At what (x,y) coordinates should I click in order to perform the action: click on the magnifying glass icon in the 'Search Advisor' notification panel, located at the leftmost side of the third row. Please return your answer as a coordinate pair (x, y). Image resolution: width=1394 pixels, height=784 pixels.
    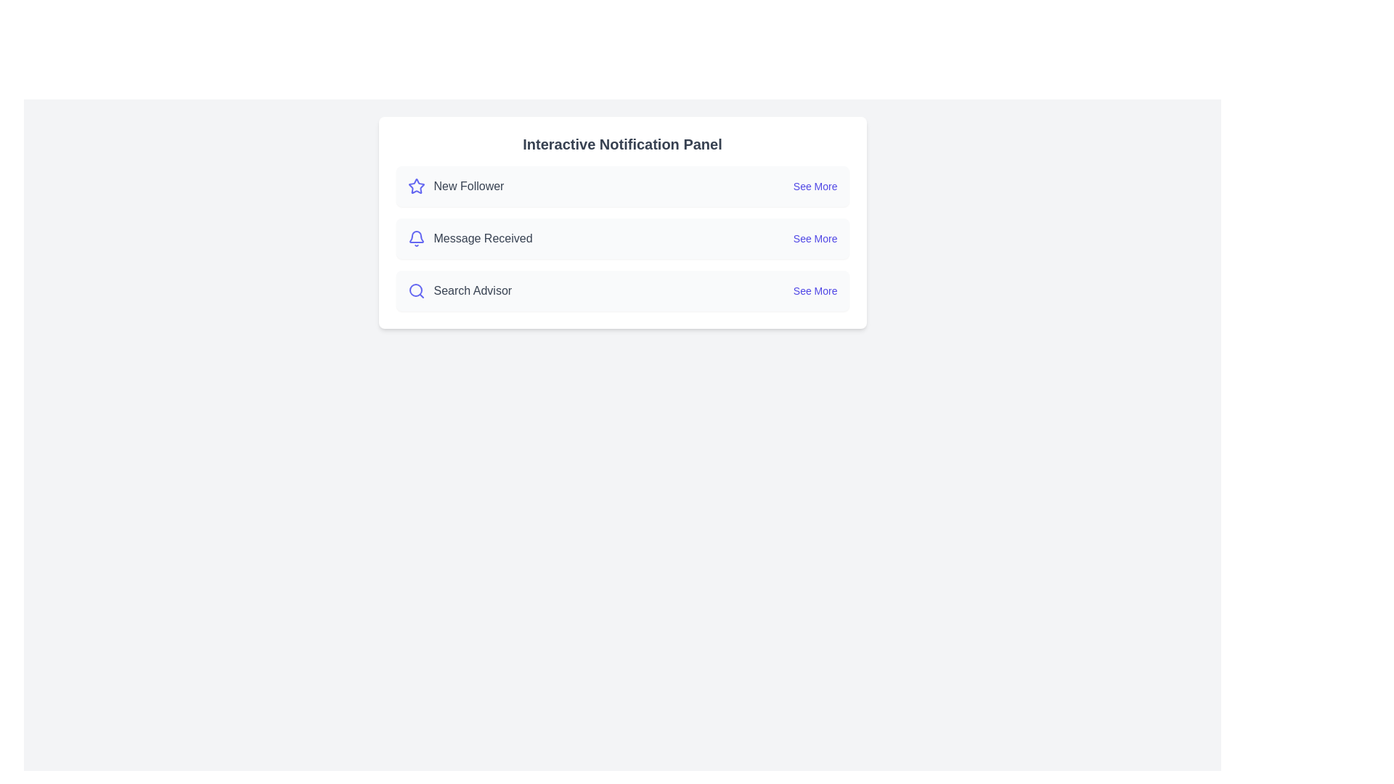
    Looking at the image, I should click on (415, 291).